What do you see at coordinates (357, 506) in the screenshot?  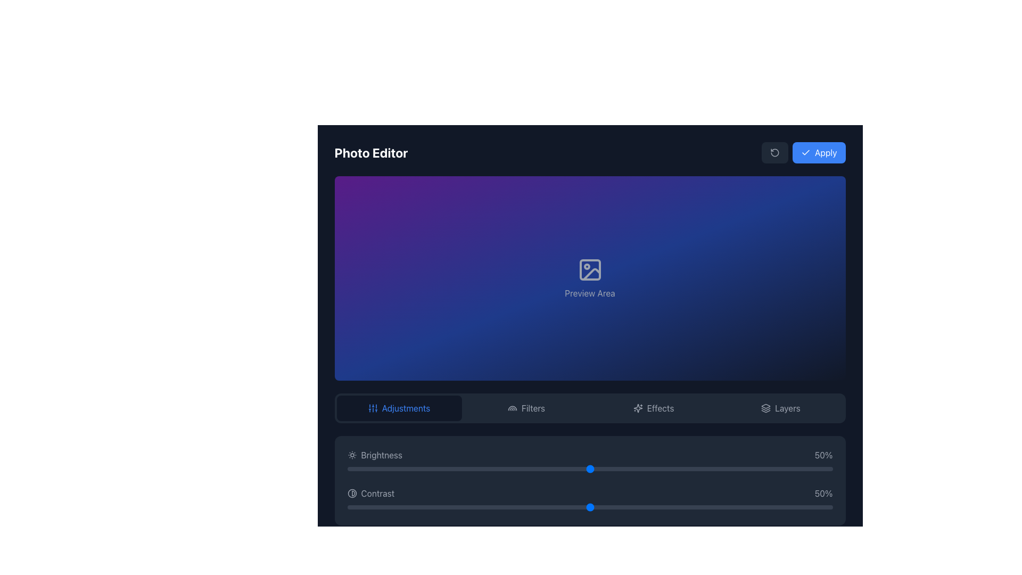 I see `the contrast` at bounding box center [357, 506].